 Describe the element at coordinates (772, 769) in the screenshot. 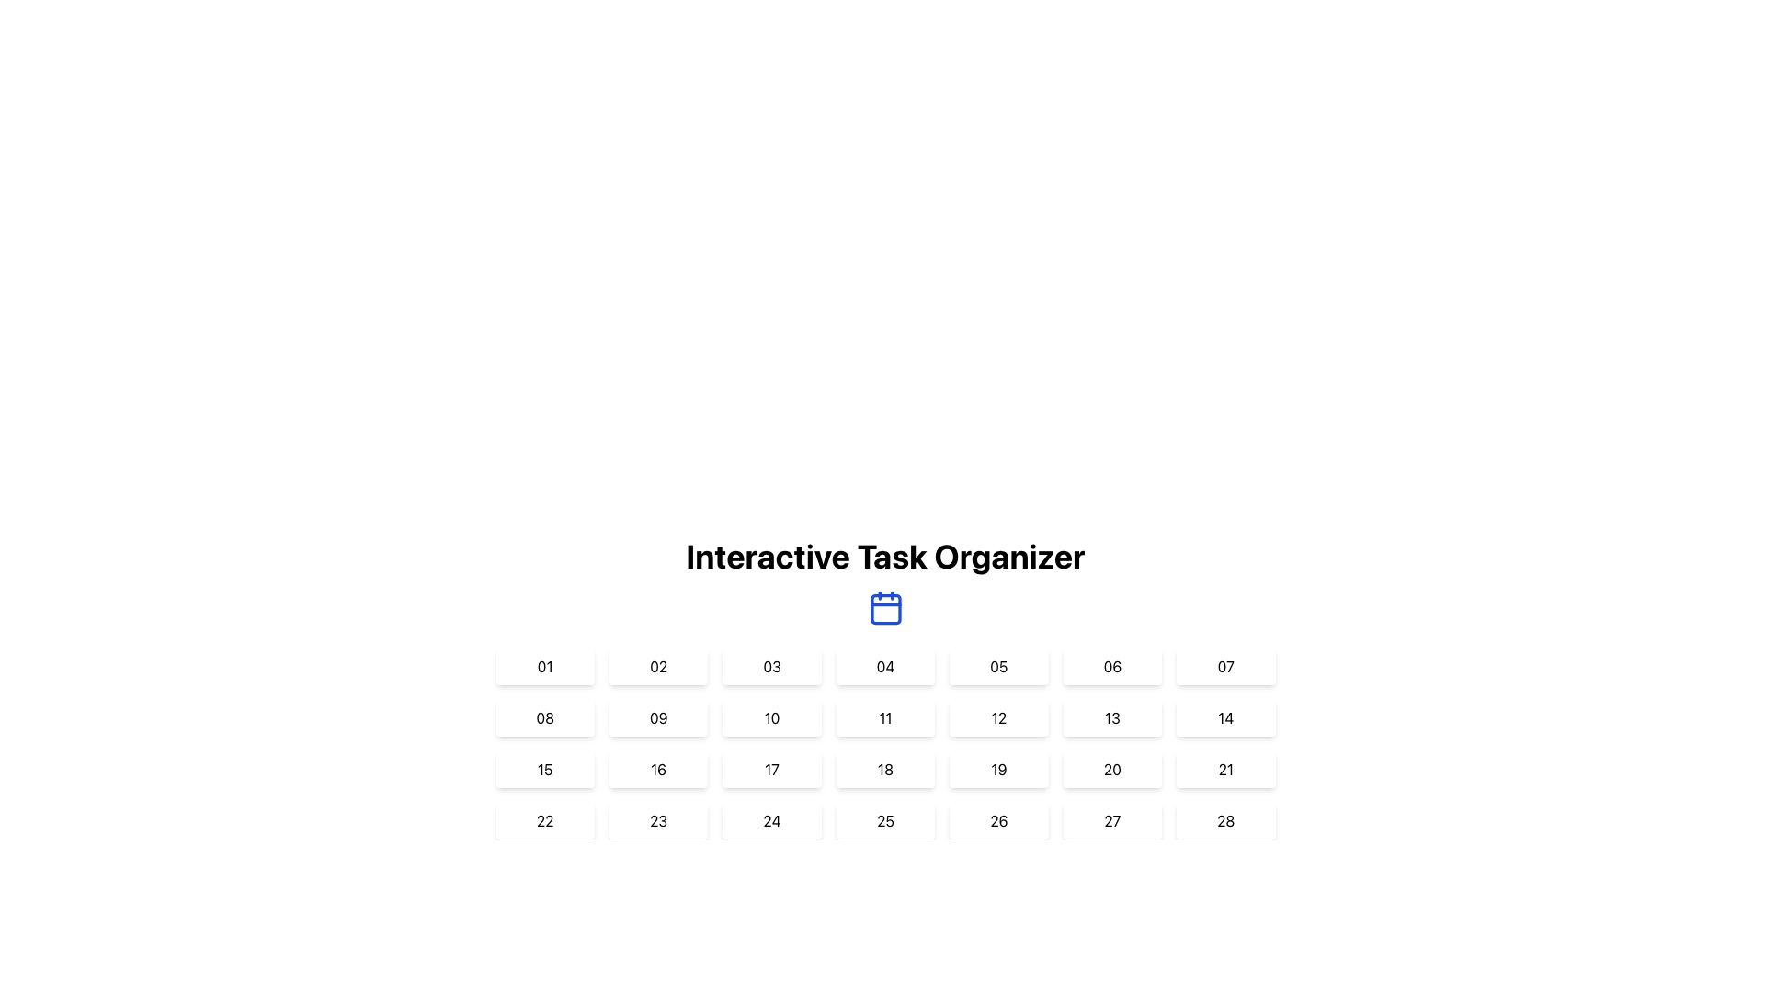

I see `the rounded rectangular button displaying the number '17'` at that location.